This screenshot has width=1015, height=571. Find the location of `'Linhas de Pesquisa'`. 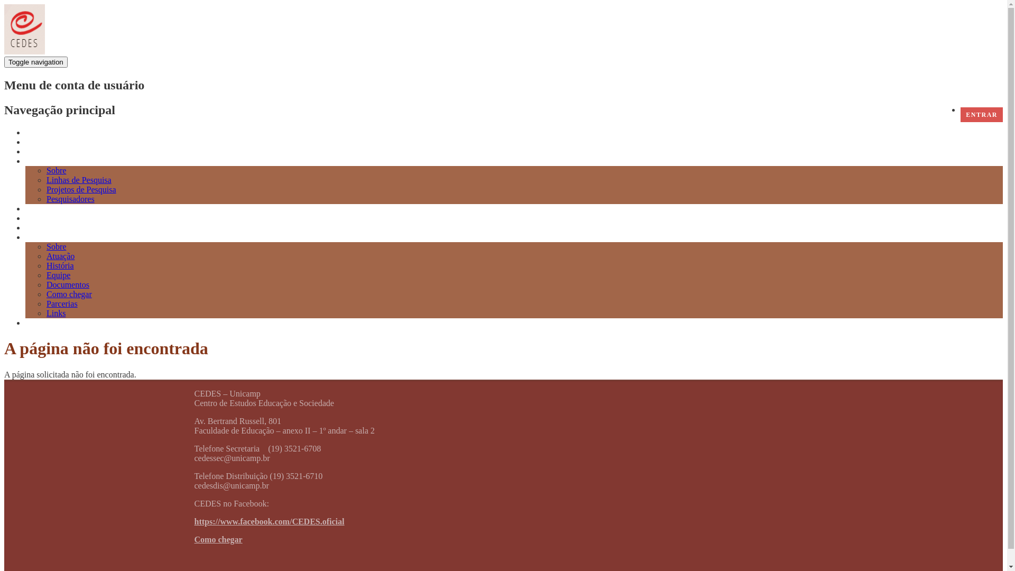

'Linhas de Pesquisa' is located at coordinates (45, 179).